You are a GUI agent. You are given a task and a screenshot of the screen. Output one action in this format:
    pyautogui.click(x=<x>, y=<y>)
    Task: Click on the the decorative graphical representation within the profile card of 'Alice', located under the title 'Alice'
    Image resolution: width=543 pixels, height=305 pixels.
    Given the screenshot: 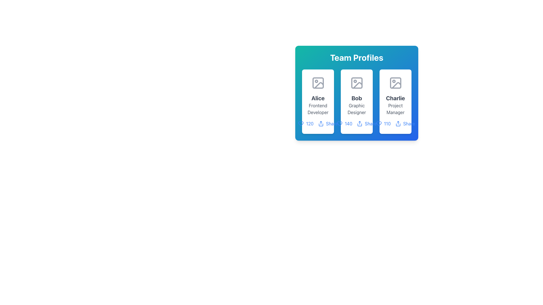 What is the action you would take?
    pyautogui.click(x=319, y=85)
    